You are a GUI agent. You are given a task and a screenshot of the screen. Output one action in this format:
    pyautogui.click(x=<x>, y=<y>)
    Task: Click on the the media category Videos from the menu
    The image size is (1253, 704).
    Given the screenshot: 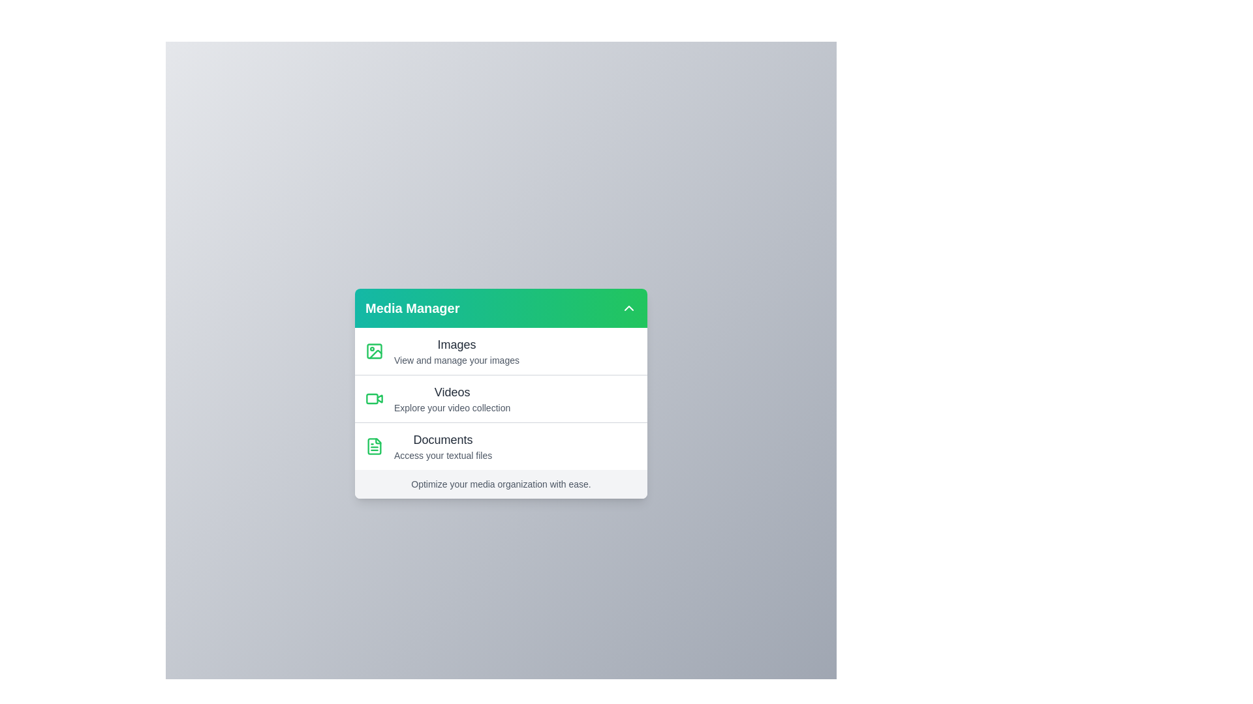 What is the action you would take?
    pyautogui.click(x=501, y=398)
    